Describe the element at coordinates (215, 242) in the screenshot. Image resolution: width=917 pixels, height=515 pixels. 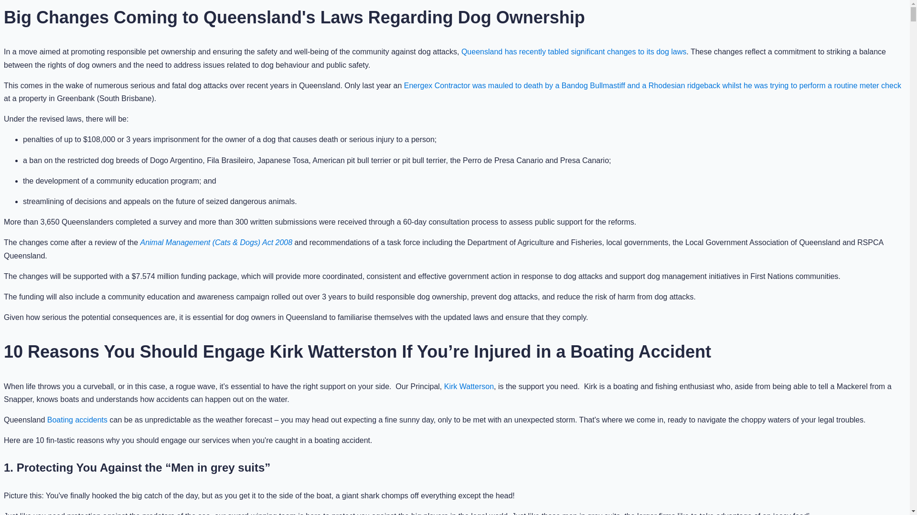
I see `'Animal Management (Cats & Dogs) Act 2008'` at that location.